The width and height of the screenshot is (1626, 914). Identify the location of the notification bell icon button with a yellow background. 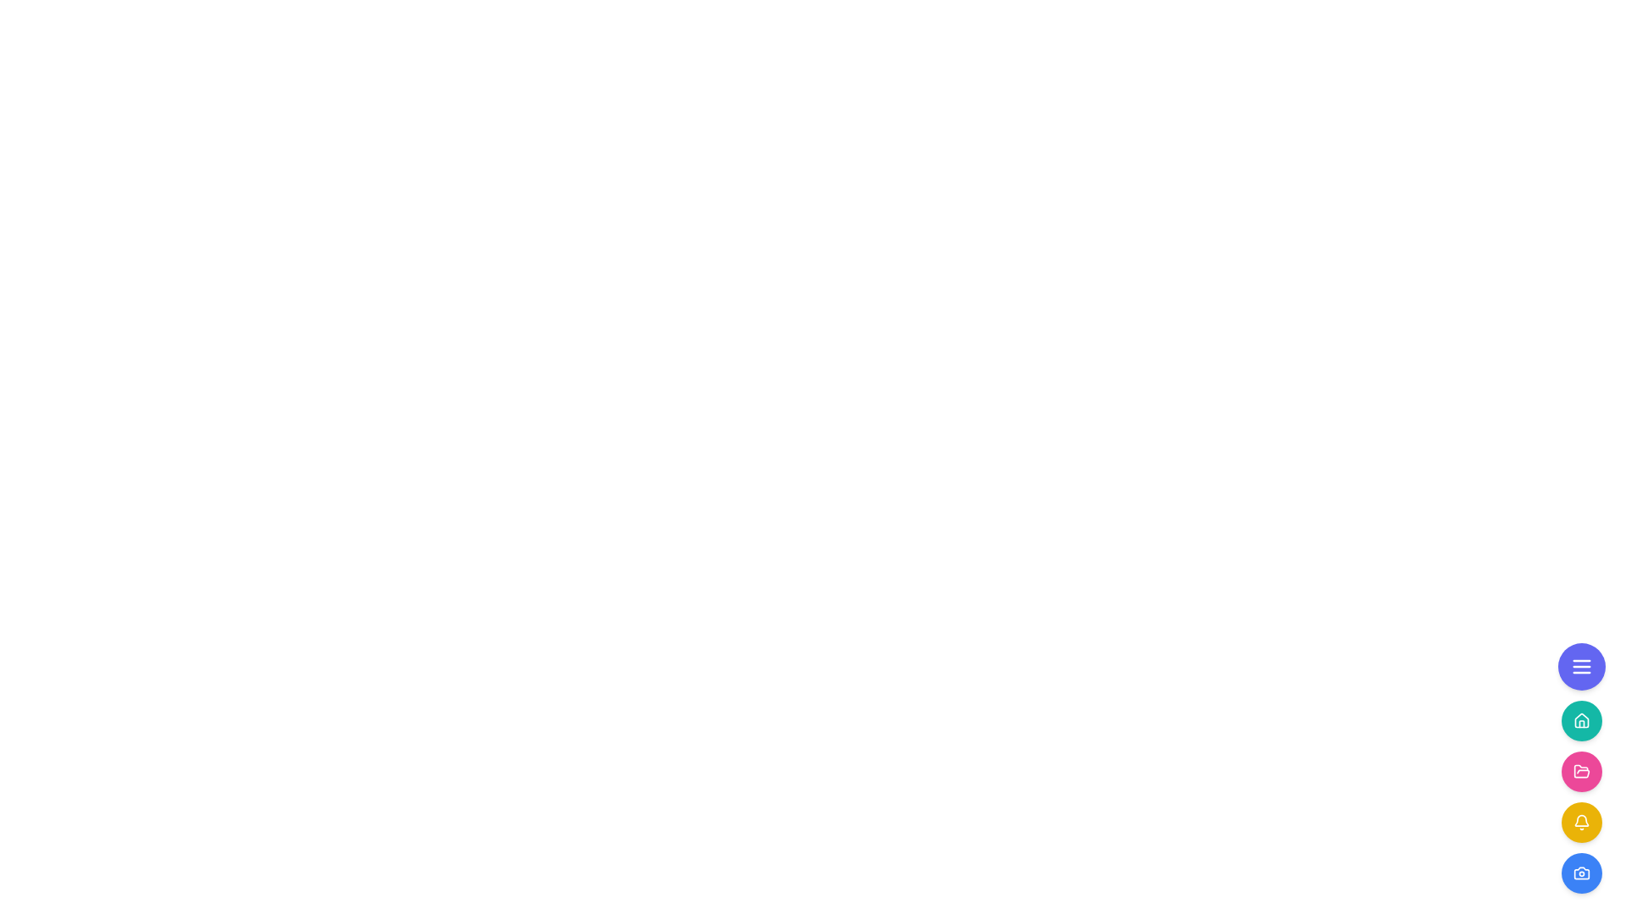
(1580, 822).